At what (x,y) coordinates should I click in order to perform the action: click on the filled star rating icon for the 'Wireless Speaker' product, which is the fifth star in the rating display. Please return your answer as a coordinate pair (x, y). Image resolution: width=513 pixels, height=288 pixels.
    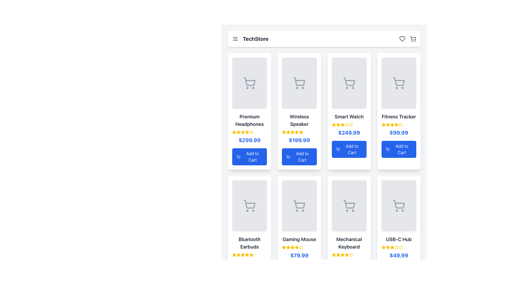
    Looking at the image, I should click on (297, 132).